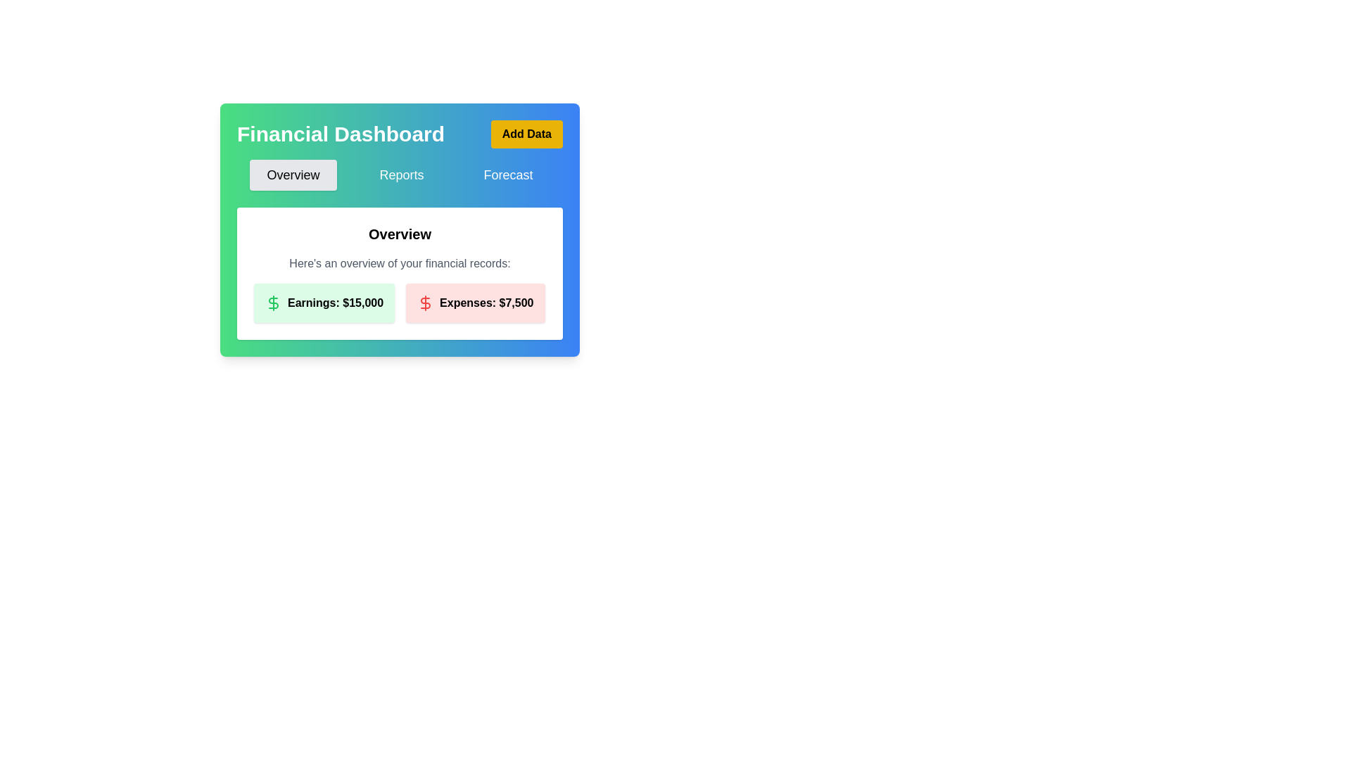 This screenshot has height=760, width=1351. What do you see at coordinates (273, 303) in the screenshot?
I see `the dollar sign icon, which is styled in green and located to the far left of the label 'Earnings: $15,000' in the financial dashboard` at bounding box center [273, 303].